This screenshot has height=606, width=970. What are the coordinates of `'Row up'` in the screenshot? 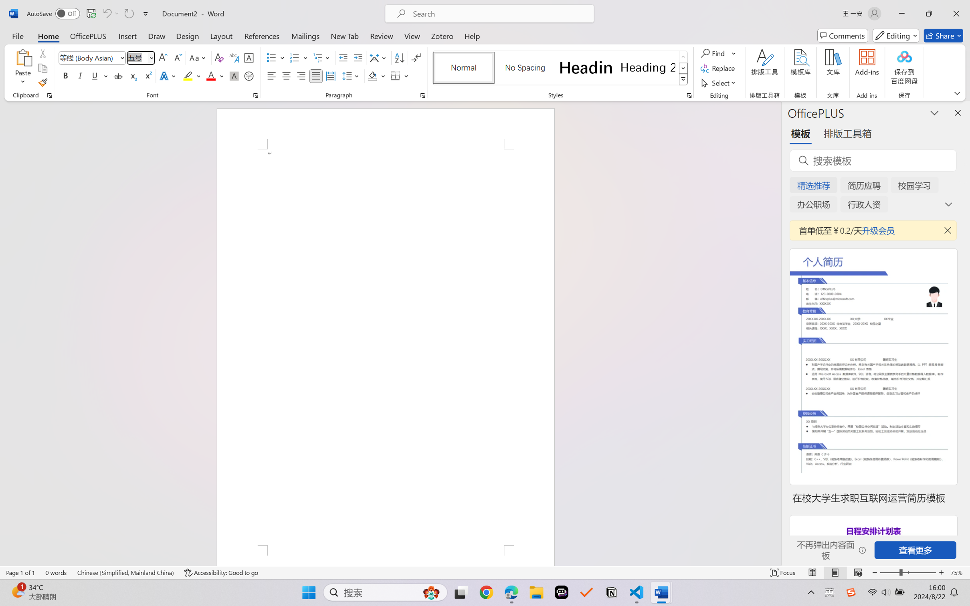 It's located at (683, 57).